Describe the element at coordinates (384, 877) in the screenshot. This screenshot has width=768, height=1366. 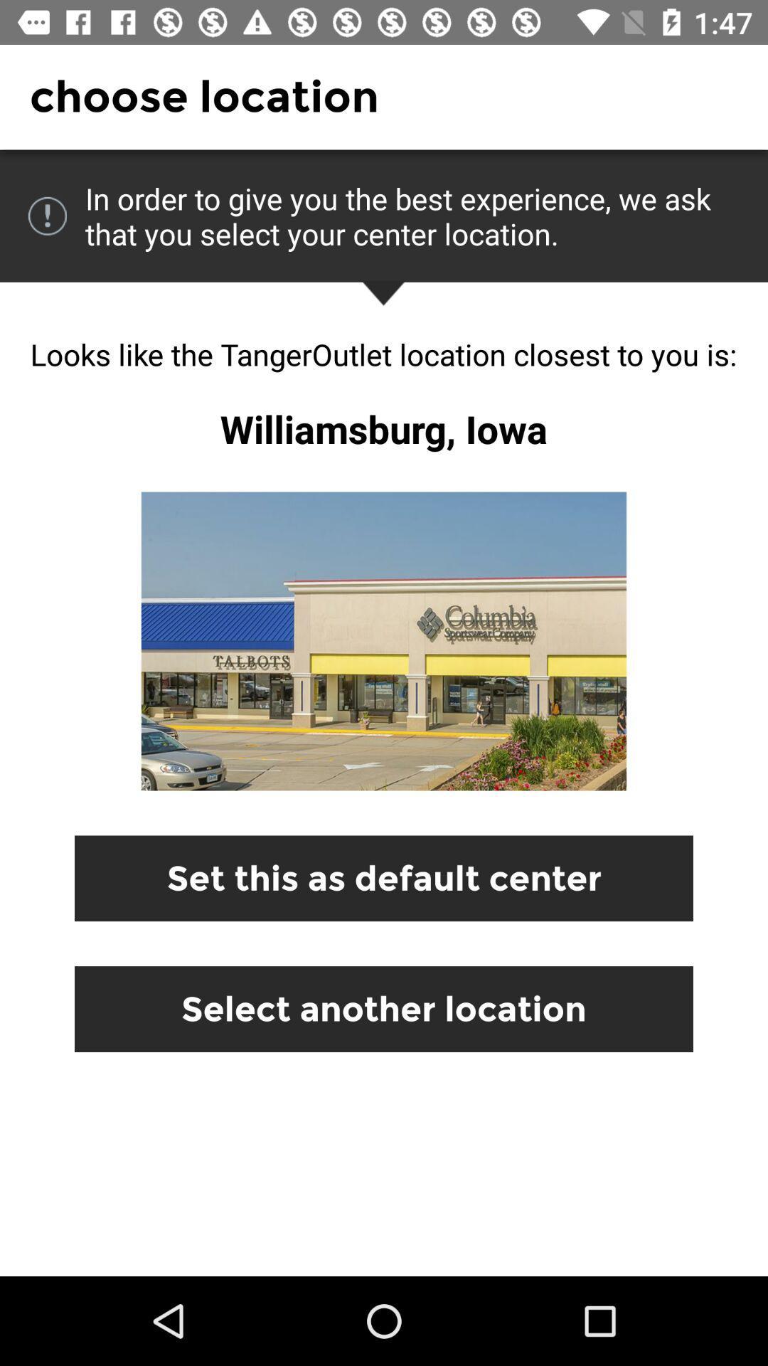
I see `the set this as item` at that location.